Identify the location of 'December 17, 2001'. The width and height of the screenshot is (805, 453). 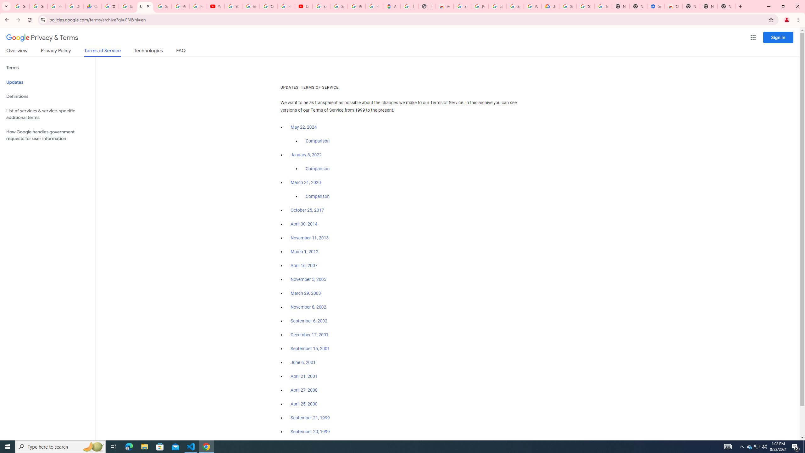
(309, 335).